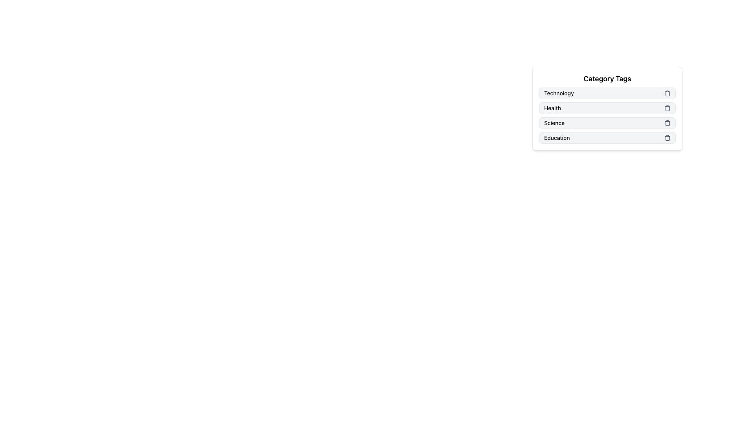 This screenshot has width=750, height=422. What do you see at coordinates (607, 79) in the screenshot?
I see `the Static Text Header, which serves as the title for category tags like 'Technology,' 'Health,' 'Science,' and 'Education.'` at bounding box center [607, 79].